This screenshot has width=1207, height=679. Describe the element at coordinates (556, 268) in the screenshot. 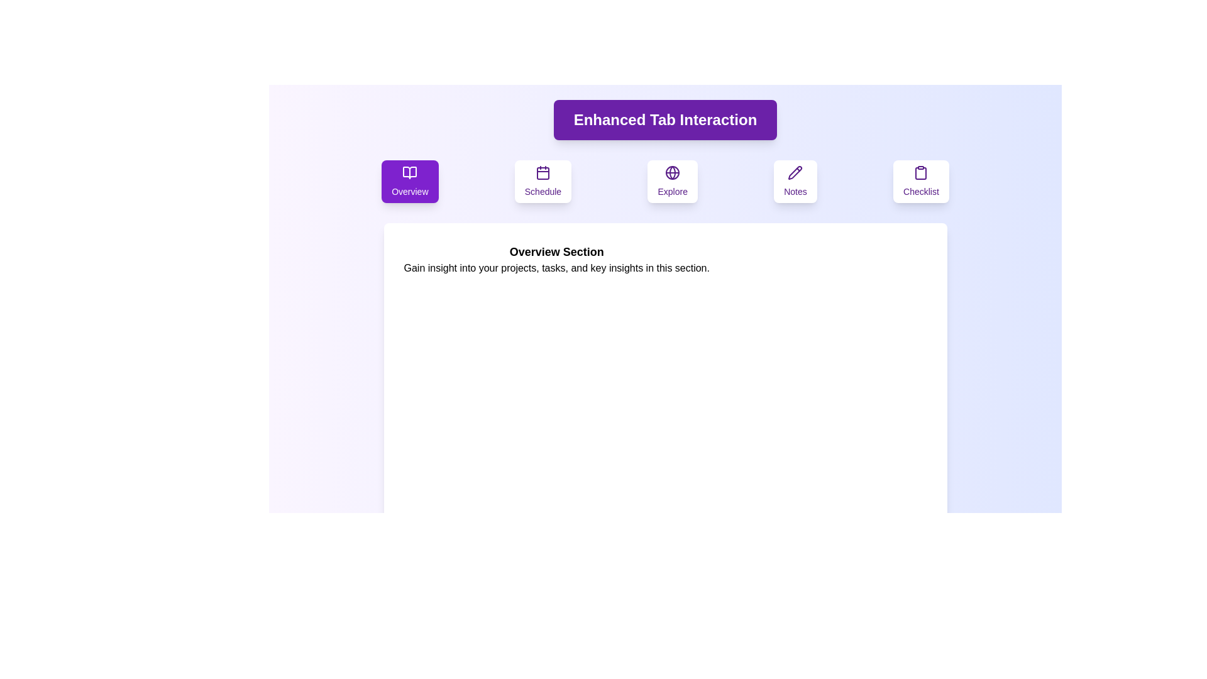

I see `the static text element that describes the purpose and content of the 'Overview Section', located immediately below the bold heading titled 'Overview Section'` at that location.